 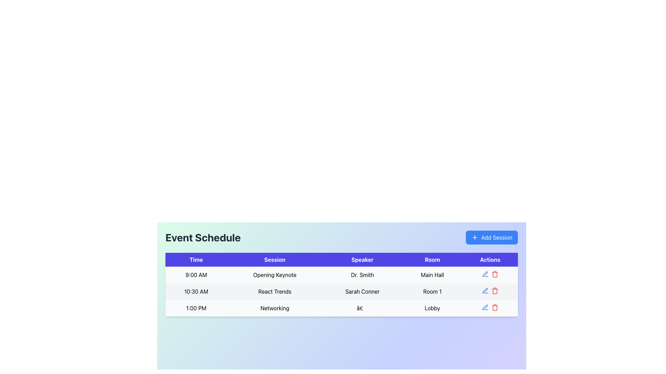 What do you see at coordinates (490, 307) in the screenshot?
I see `the interactive icons (pencil and trash can) located under the 'Actions' column in the '1:00 PM Networking—Lobby' row of the event schedule table` at bounding box center [490, 307].